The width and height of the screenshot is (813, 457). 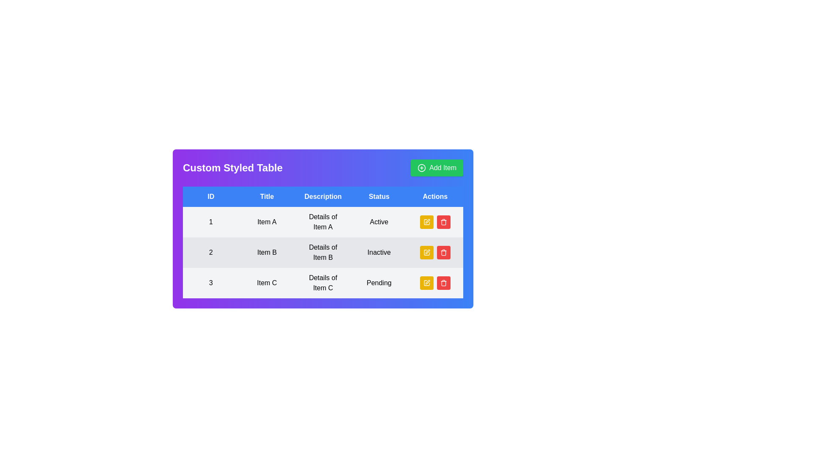 I want to click on the Table Header Row, which serves as the identifier for the columns in the table and is positioned at the topmost row, spanning horizontally across the table, so click(x=323, y=197).